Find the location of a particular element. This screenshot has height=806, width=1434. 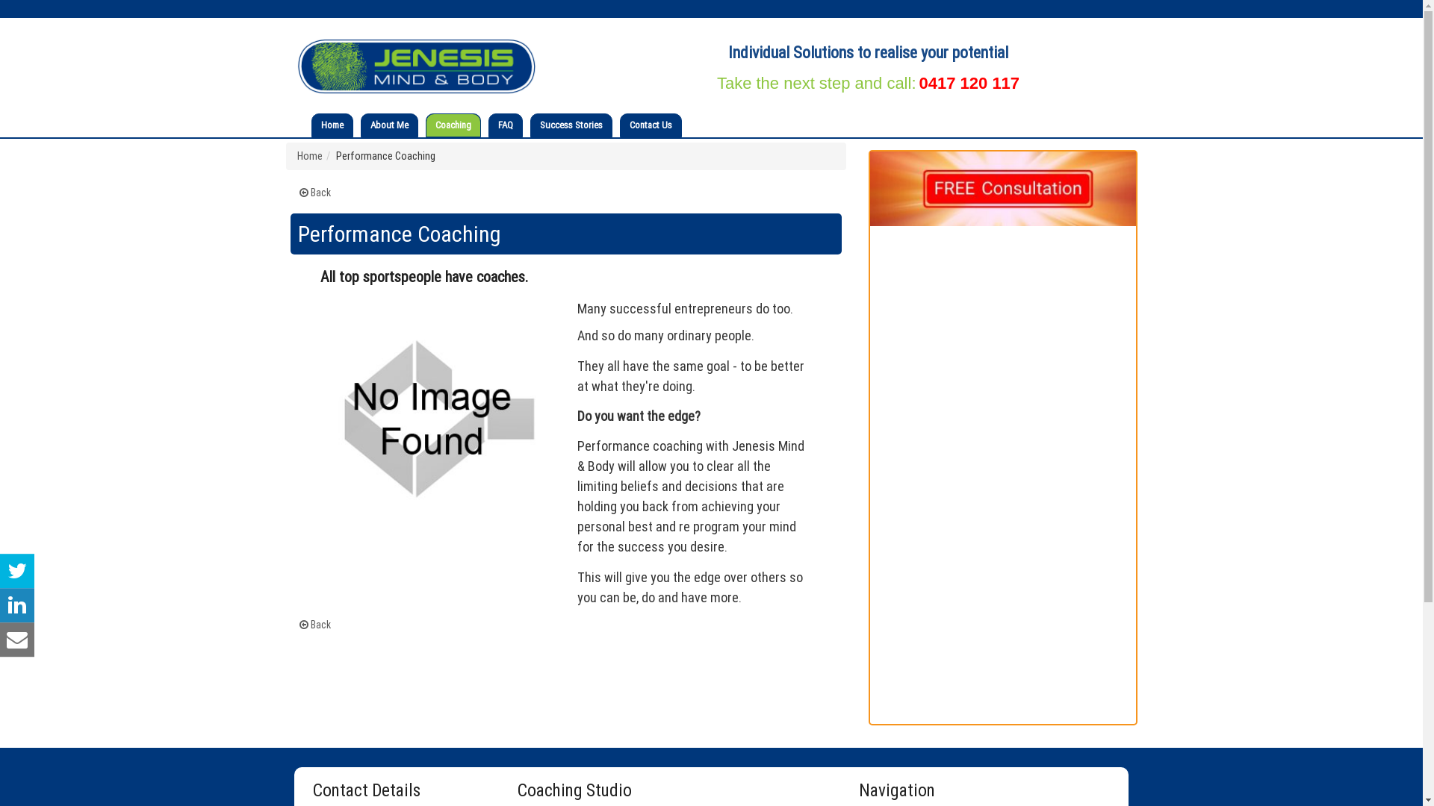

'About Me' is located at coordinates (389, 125).